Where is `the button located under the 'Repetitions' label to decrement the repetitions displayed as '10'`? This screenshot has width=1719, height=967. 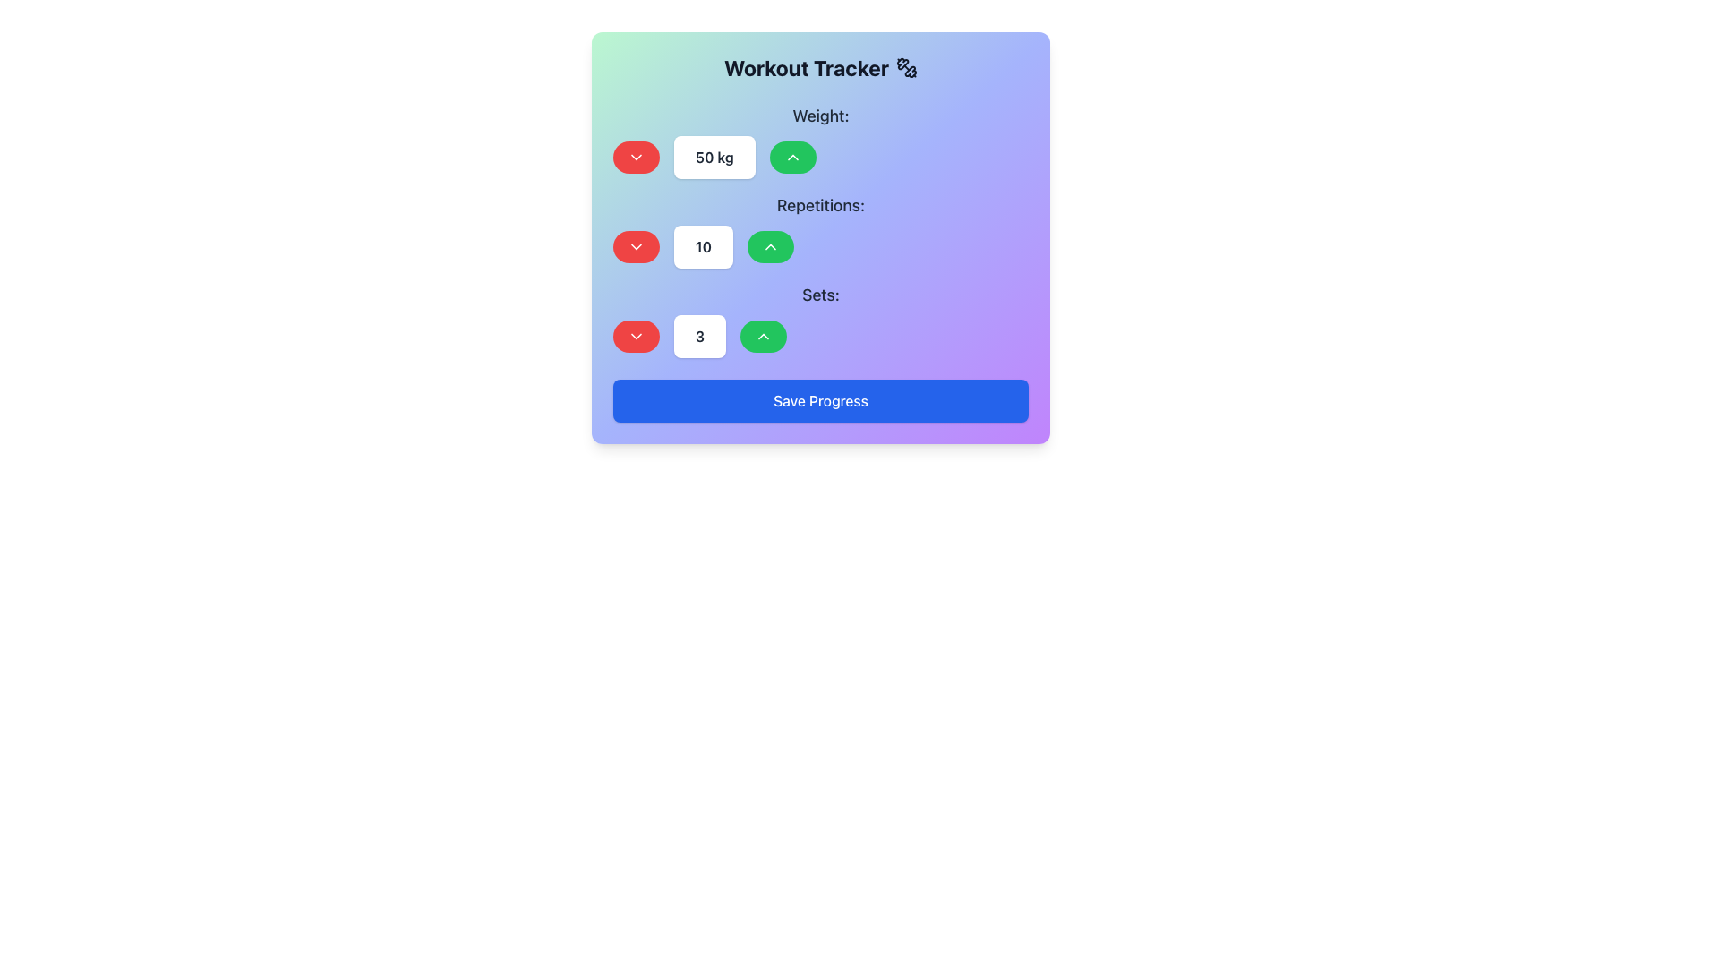 the button located under the 'Repetitions' label to decrement the repetitions displayed as '10' is located at coordinates (636, 247).